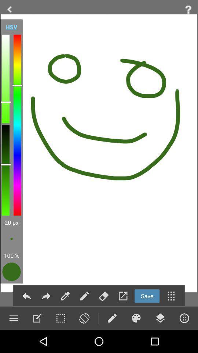 The width and height of the screenshot is (198, 353). What do you see at coordinates (188, 9) in the screenshot?
I see `help feeback` at bounding box center [188, 9].